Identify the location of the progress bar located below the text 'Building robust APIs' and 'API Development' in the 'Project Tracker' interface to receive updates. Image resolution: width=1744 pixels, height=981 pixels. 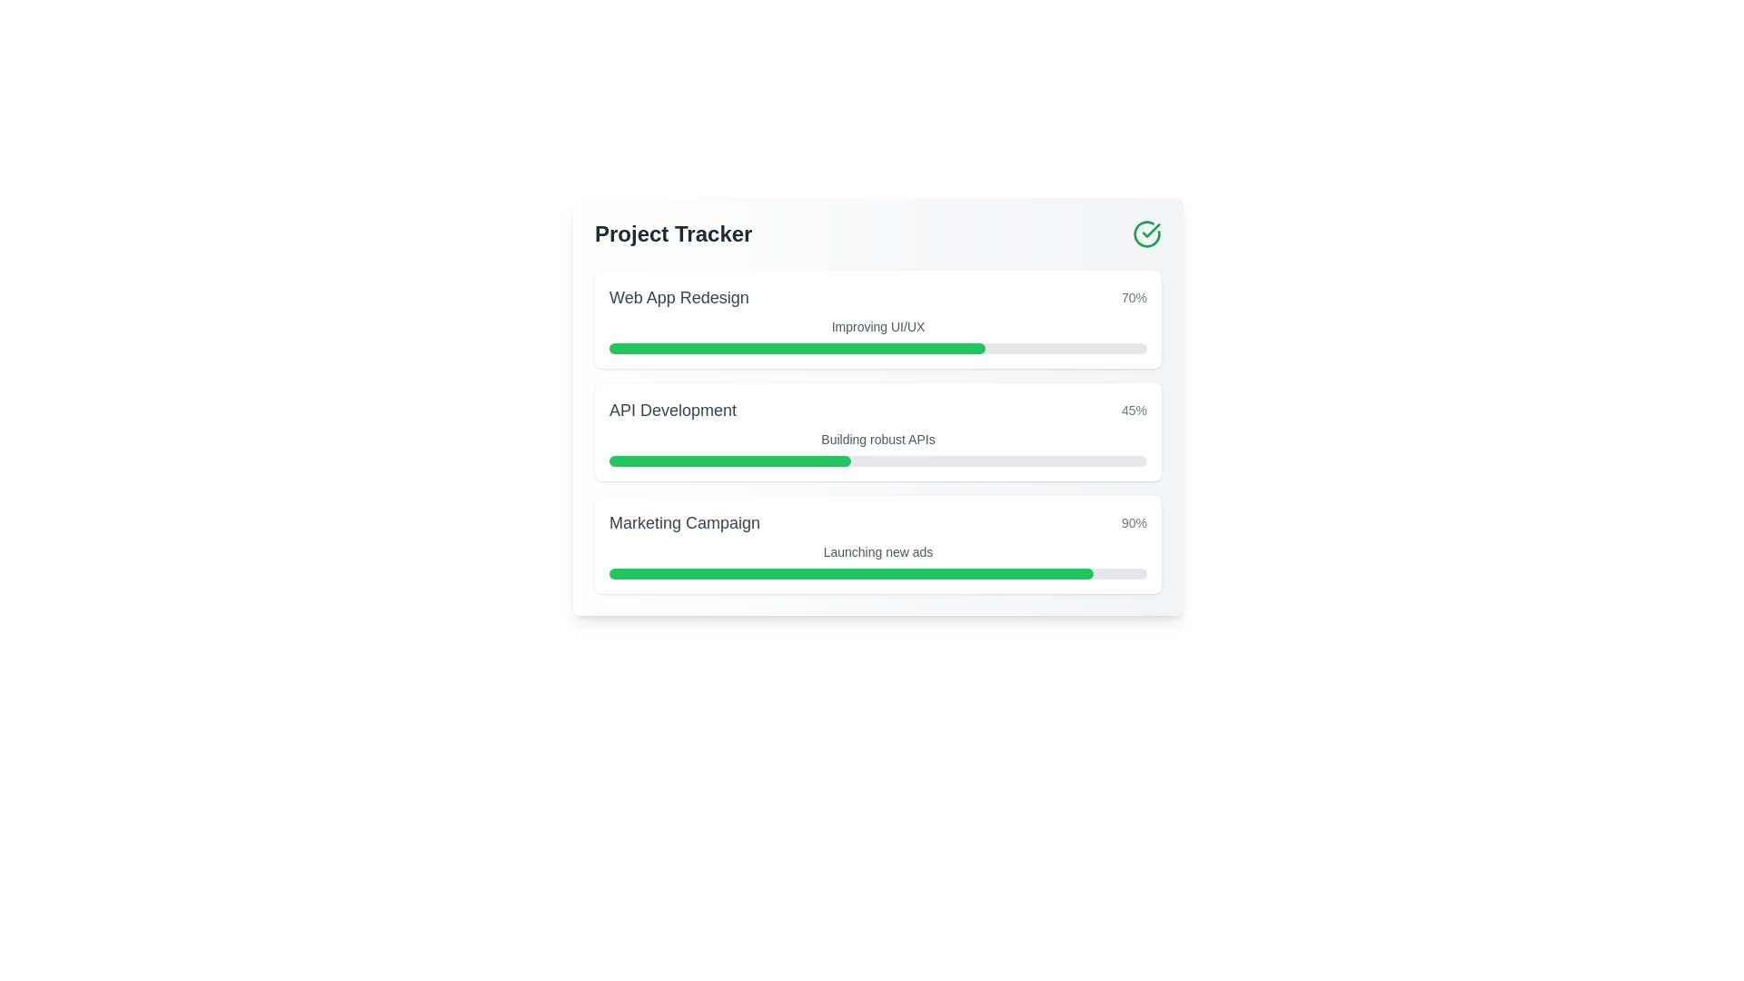
(877, 461).